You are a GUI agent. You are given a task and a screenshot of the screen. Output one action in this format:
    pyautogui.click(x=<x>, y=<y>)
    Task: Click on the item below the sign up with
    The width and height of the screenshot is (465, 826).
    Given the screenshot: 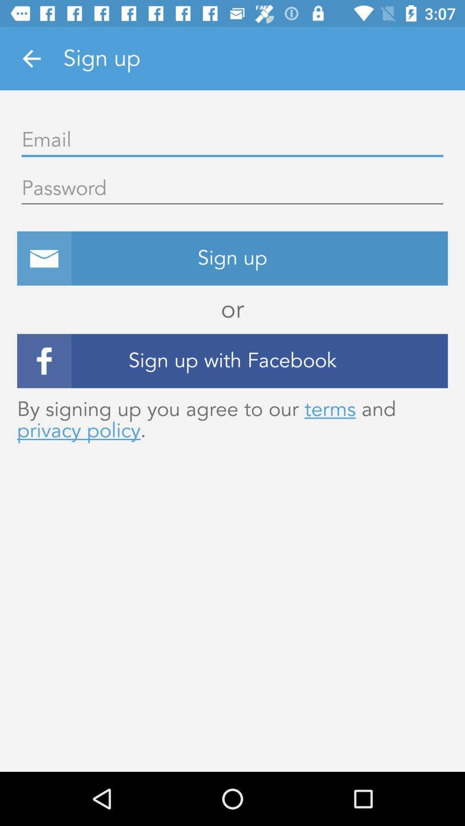 What is the action you would take?
    pyautogui.click(x=232, y=420)
    